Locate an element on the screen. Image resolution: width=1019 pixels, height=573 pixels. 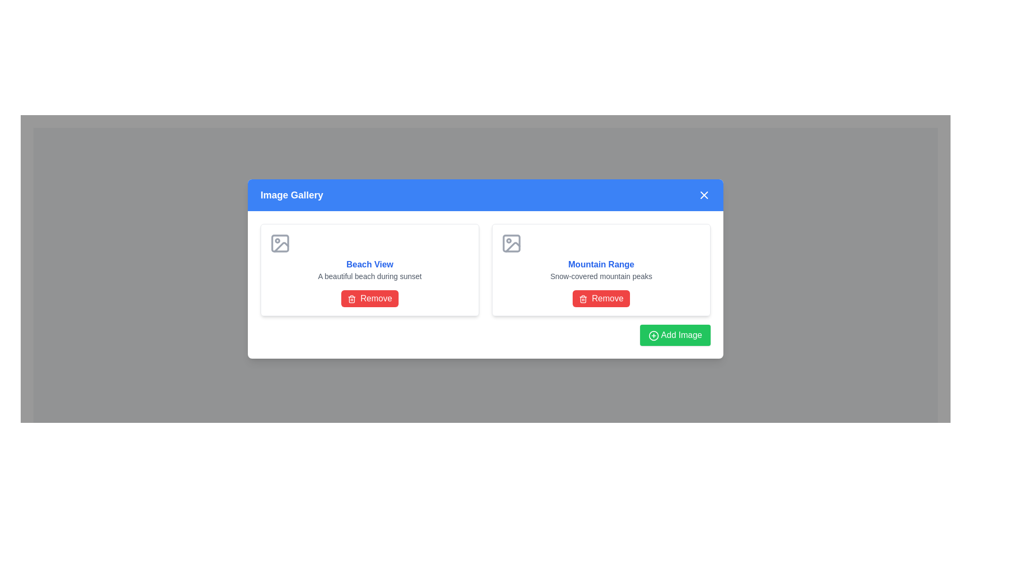
the trash bin icon within the 'Remove' button that has a red background, located at the bottom of the 'Beach View' card is located at coordinates (352, 300).